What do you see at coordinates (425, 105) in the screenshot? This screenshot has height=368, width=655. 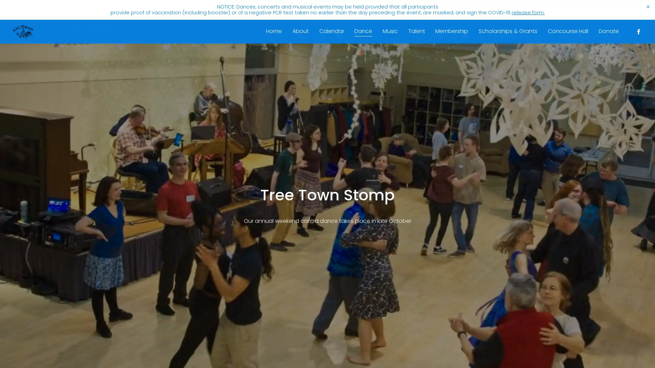 I see `Close` at bounding box center [425, 105].